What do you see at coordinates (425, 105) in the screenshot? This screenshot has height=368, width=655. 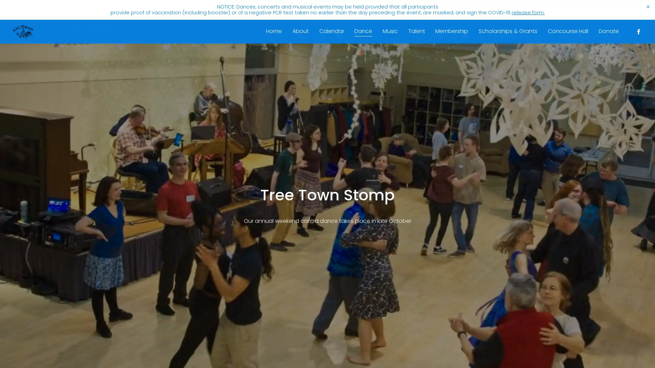 I see `Close` at bounding box center [425, 105].